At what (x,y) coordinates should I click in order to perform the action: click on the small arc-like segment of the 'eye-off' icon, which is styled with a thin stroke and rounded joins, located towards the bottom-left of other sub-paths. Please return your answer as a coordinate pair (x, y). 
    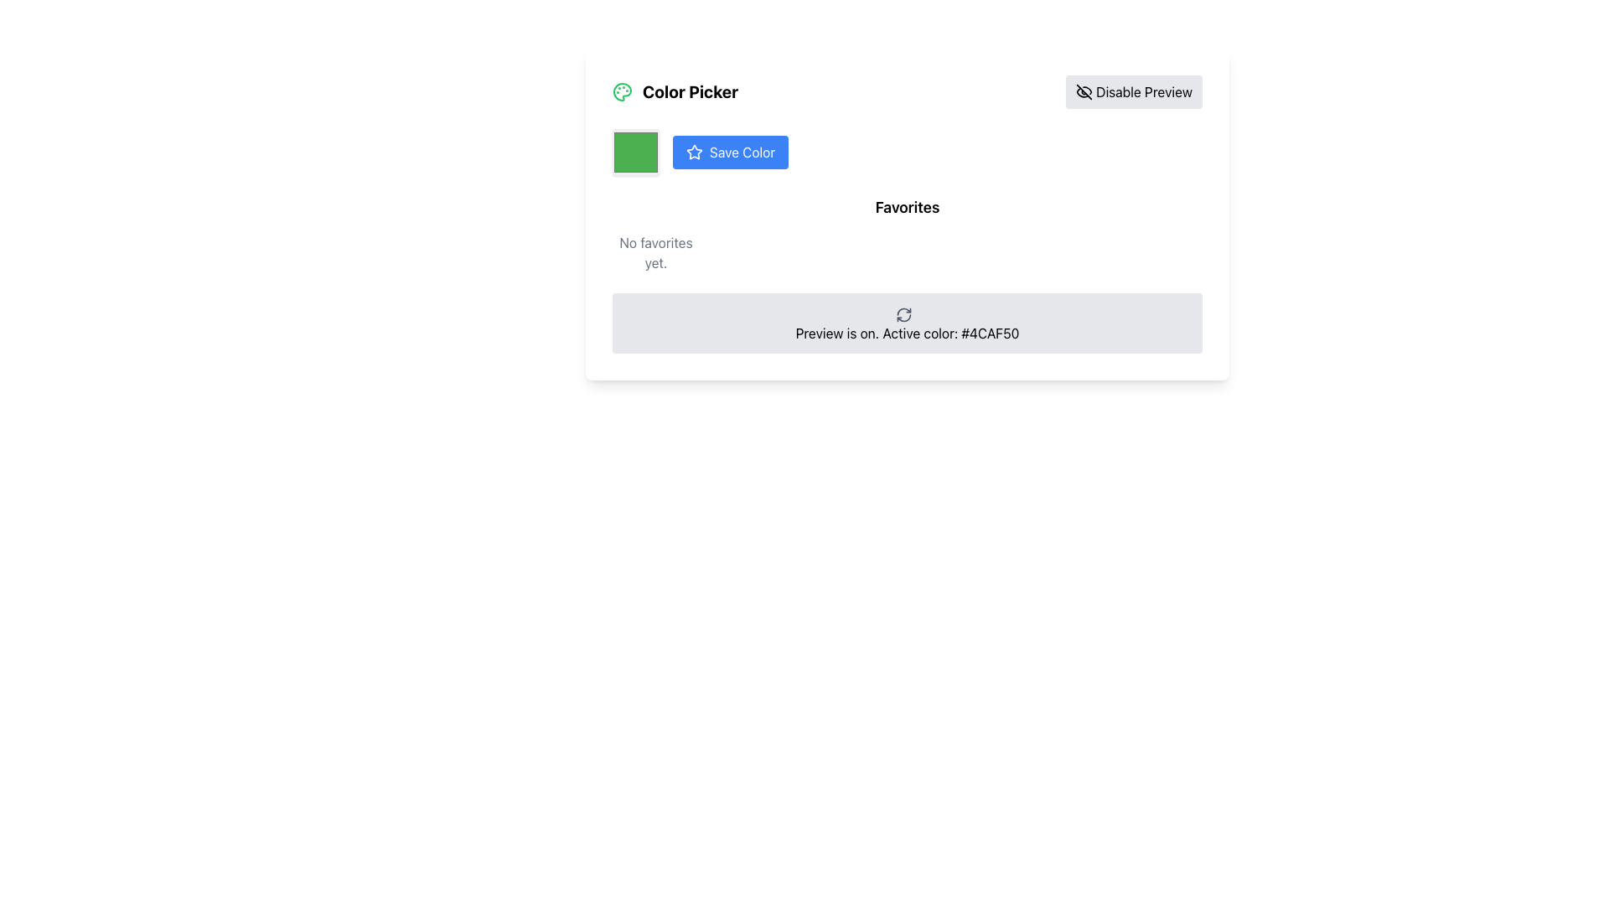
    Looking at the image, I should click on (1083, 92).